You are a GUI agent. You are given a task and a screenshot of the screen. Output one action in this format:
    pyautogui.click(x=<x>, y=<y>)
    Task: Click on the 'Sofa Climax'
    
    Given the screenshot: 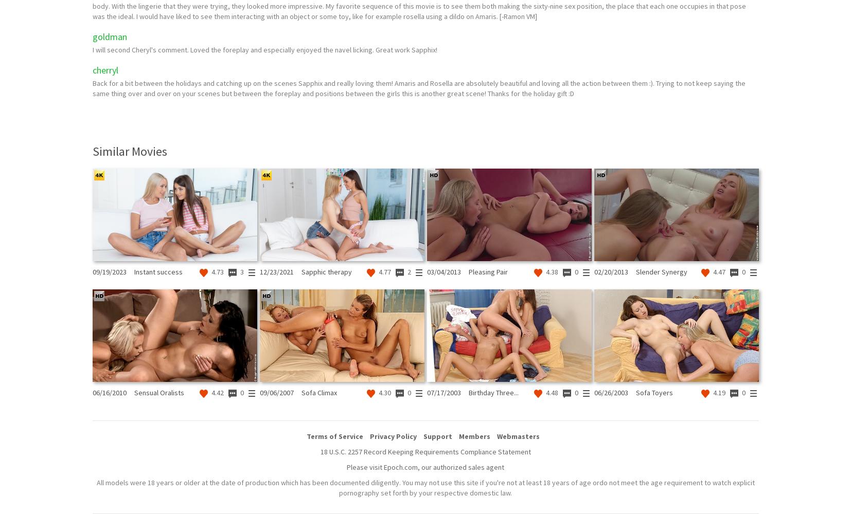 What is the action you would take?
    pyautogui.click(x=318, y=393)
    